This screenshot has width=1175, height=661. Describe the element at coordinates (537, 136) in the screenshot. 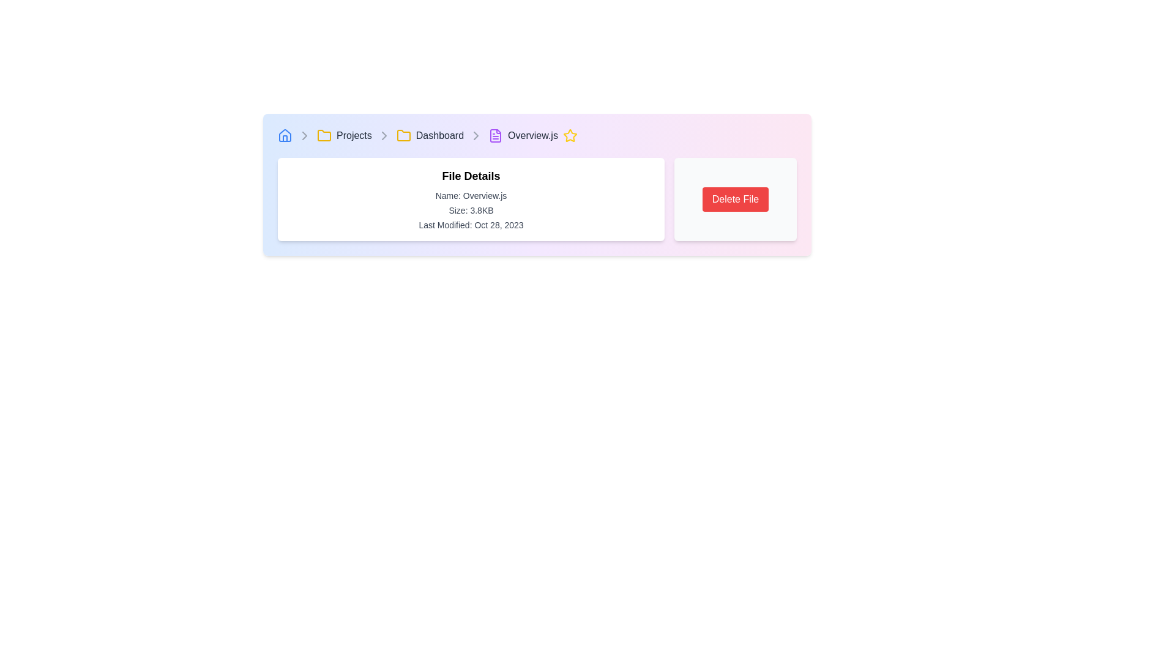

I see `the non-interactive Breadcrumb navigation item located at the top of the page, which indicates the current location in the file system and is the last item in the breadcrumb navigation bar` at that location.